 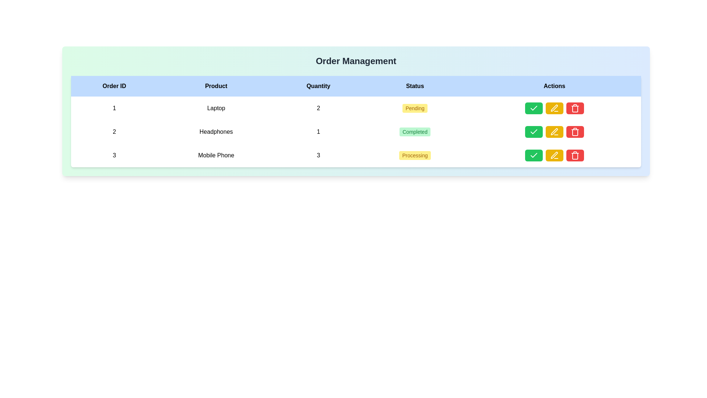 I want to click on the yellow button with a pen icon in the 'Actions' column of the third row of the table to trigger a visual effect, so click(x=554, y=155).